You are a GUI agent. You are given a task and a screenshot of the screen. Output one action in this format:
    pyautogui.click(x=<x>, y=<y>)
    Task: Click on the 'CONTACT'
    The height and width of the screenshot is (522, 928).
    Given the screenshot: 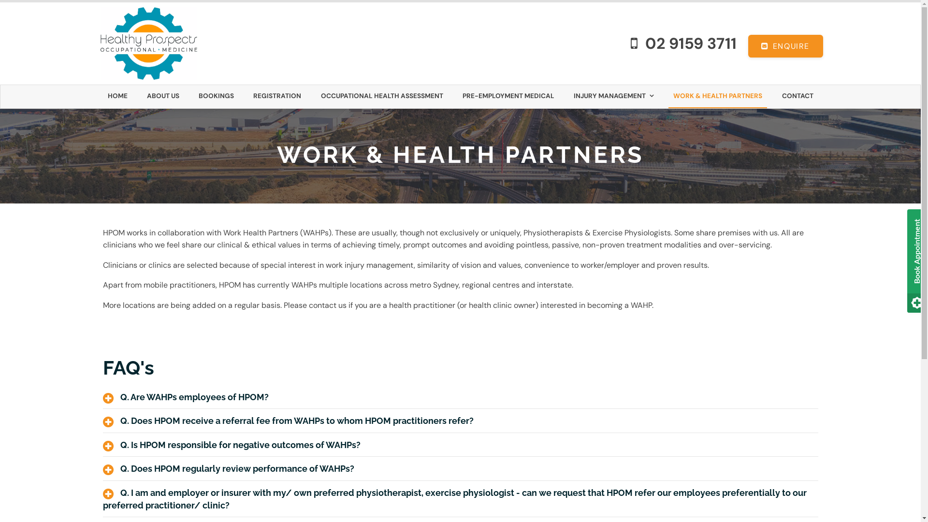 What is the action you would take?
    pyautogui.click(x=797, y=97)
    